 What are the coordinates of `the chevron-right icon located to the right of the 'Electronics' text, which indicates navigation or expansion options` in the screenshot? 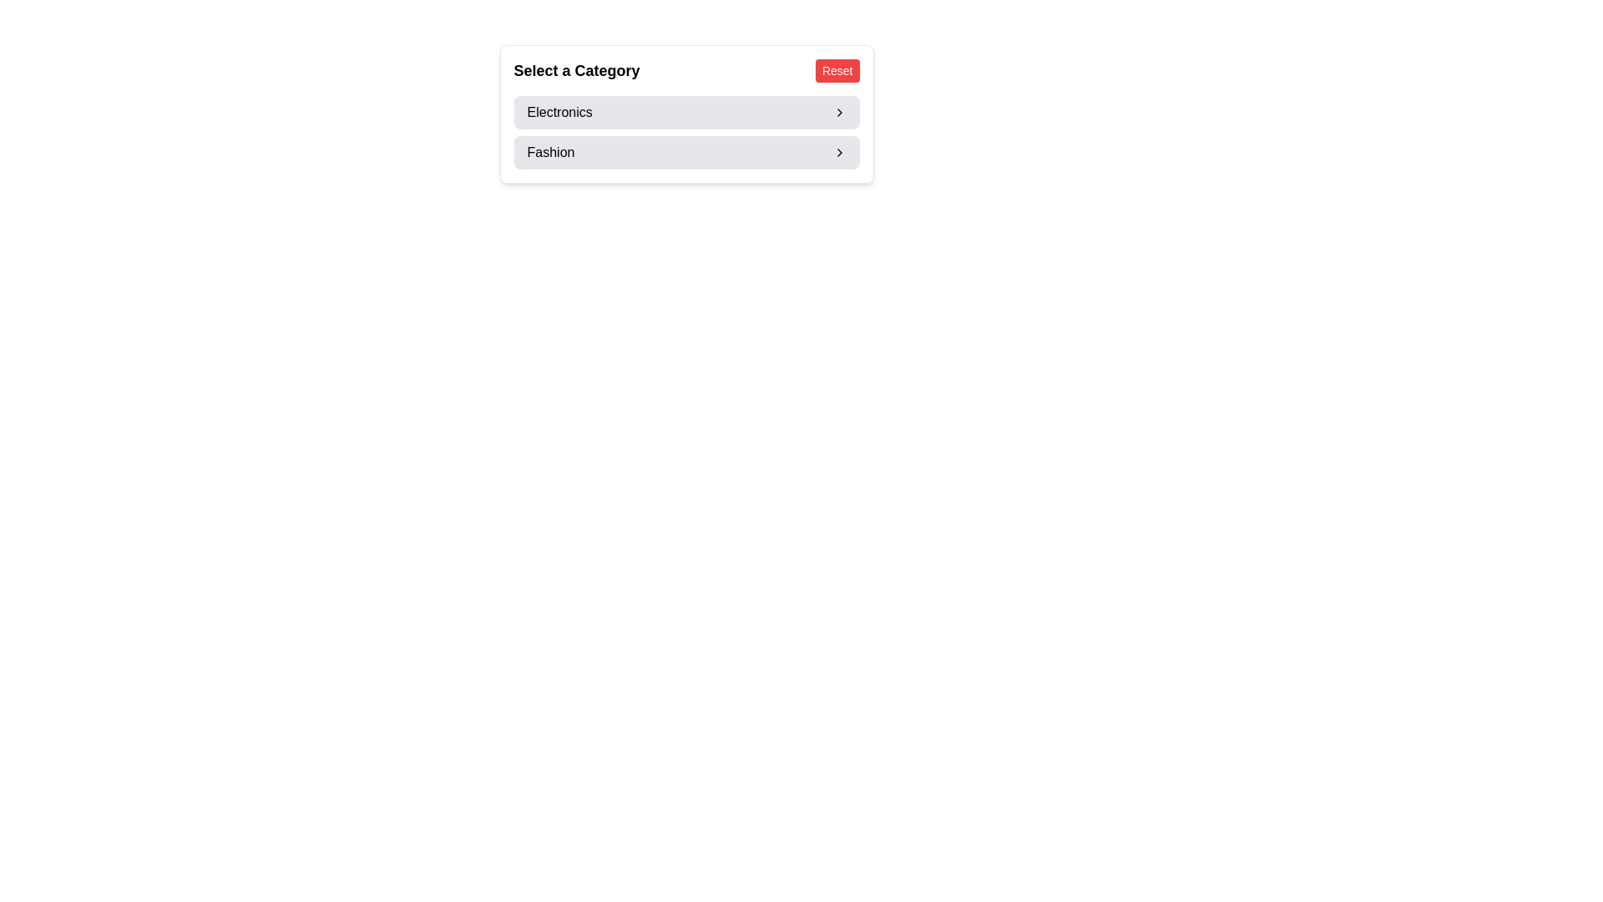 It's located at (839, 113).